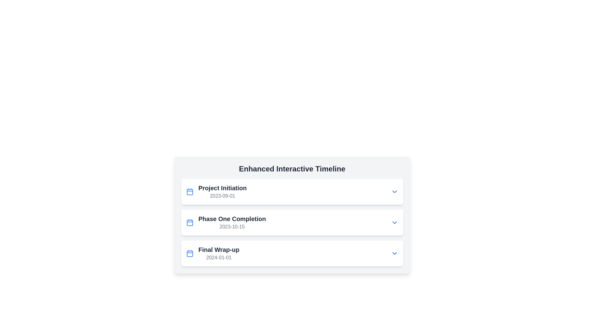  What do you see at coordinates (226, 222) in the screenshot?
I see `the second timeline event marker that displays a milestone or task along with an associated date, located between 'Project Initiation' and 'Final Wrap-up'` at bounding box center [226, 222].